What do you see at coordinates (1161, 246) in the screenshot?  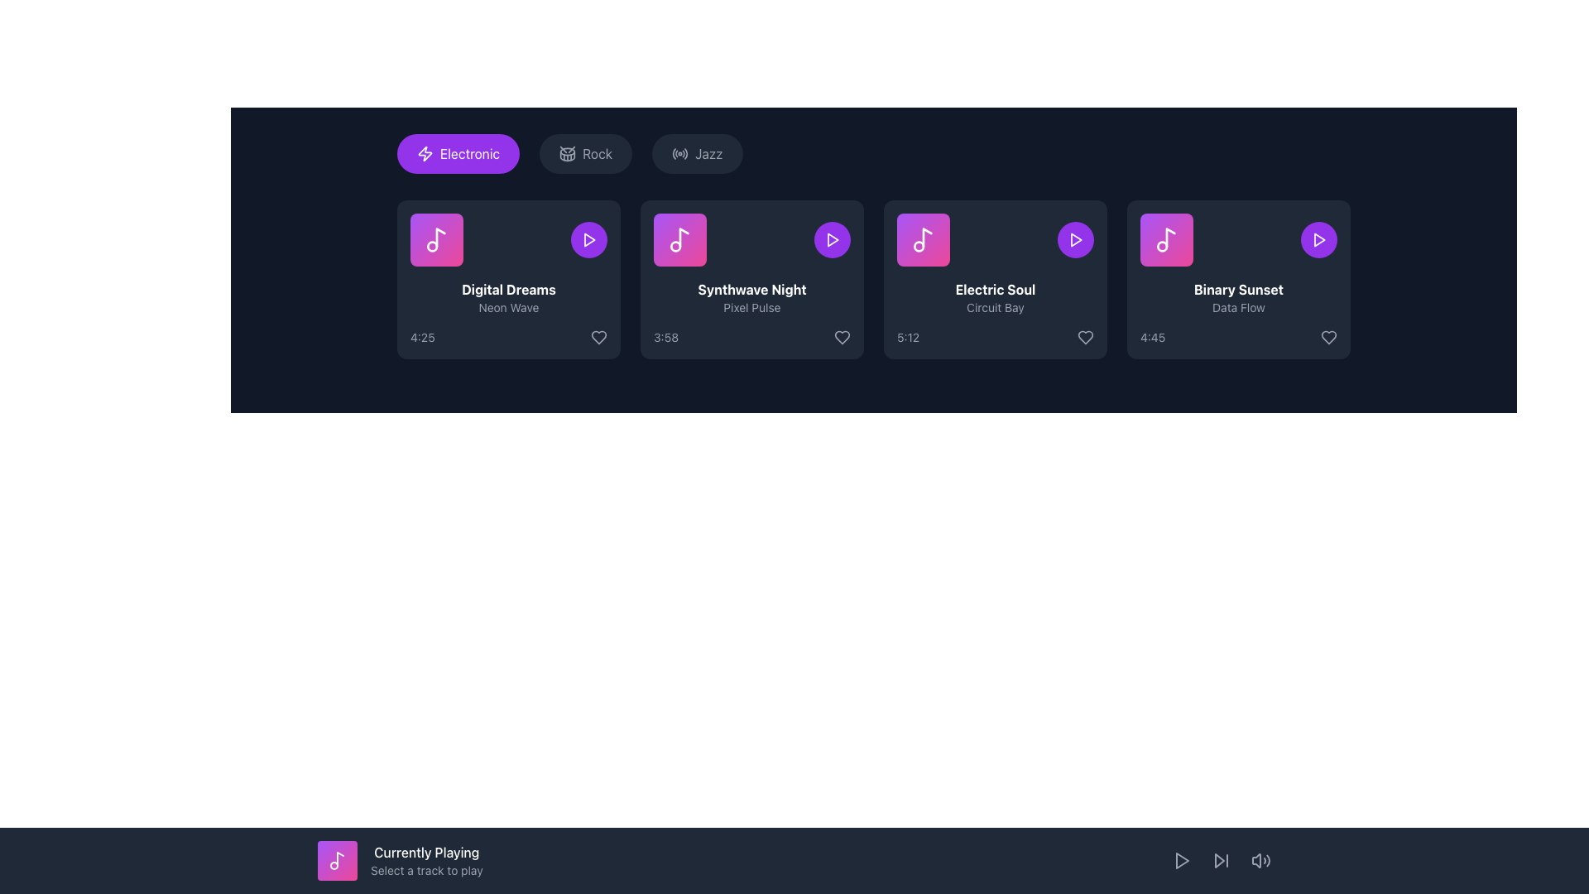 I see `the small circular component located near the bottom of the music note icon within the 'Binary Sunset' card` at bounding box center [1161, 246].